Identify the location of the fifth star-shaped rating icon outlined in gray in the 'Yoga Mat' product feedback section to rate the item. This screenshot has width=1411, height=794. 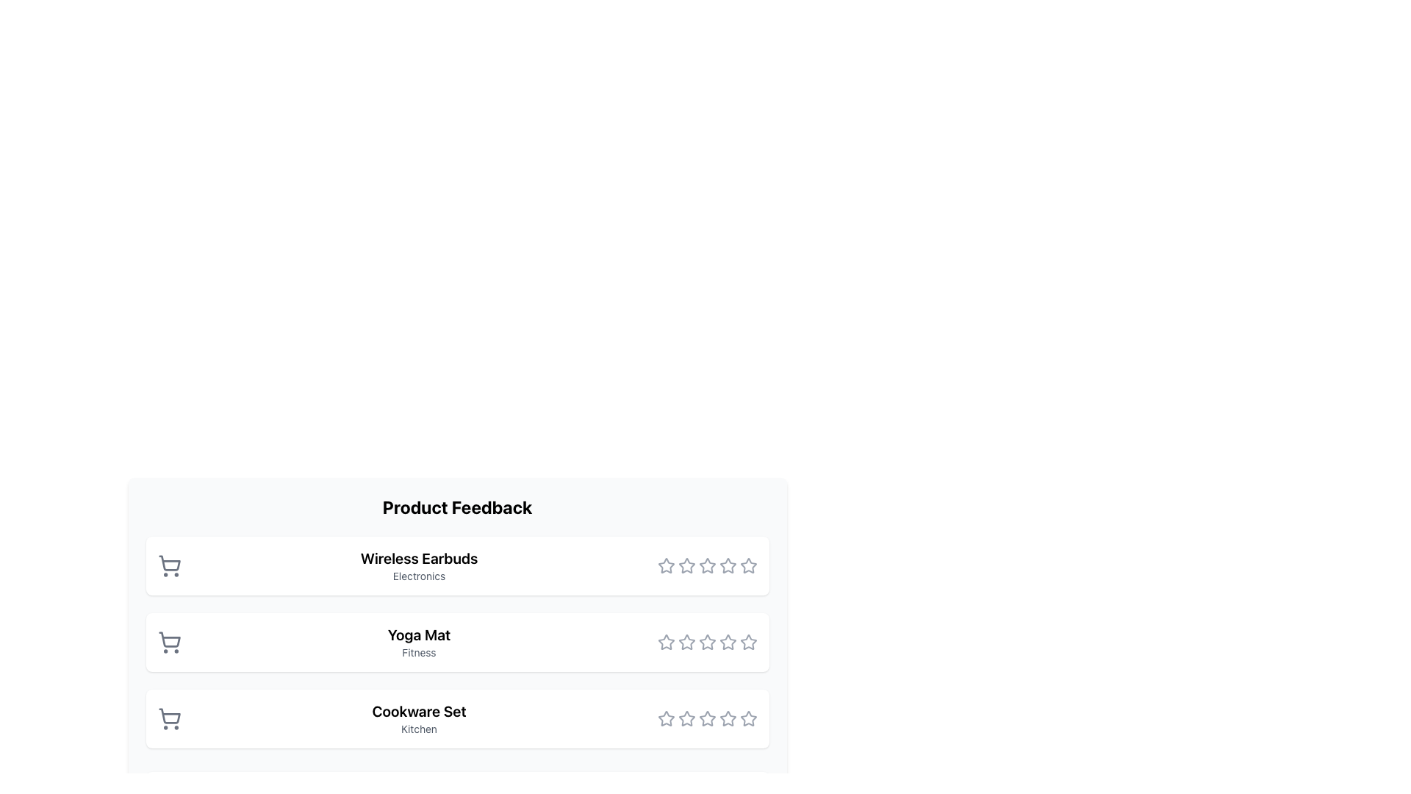
(728, 642).